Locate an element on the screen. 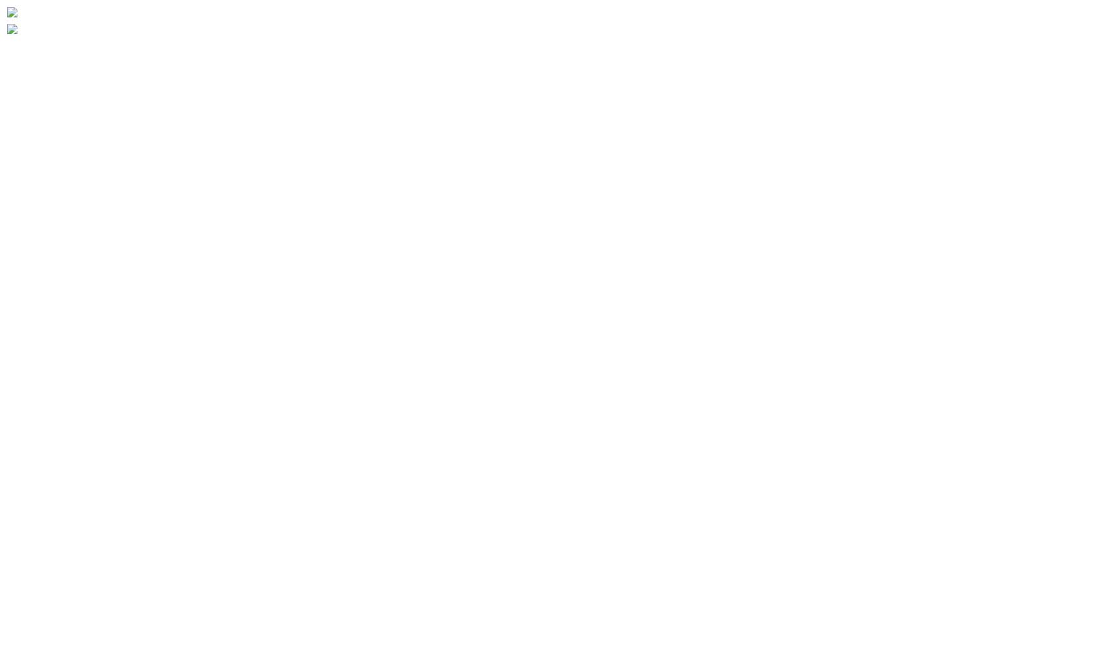  'Forum' is located at coordinates (6, 594).